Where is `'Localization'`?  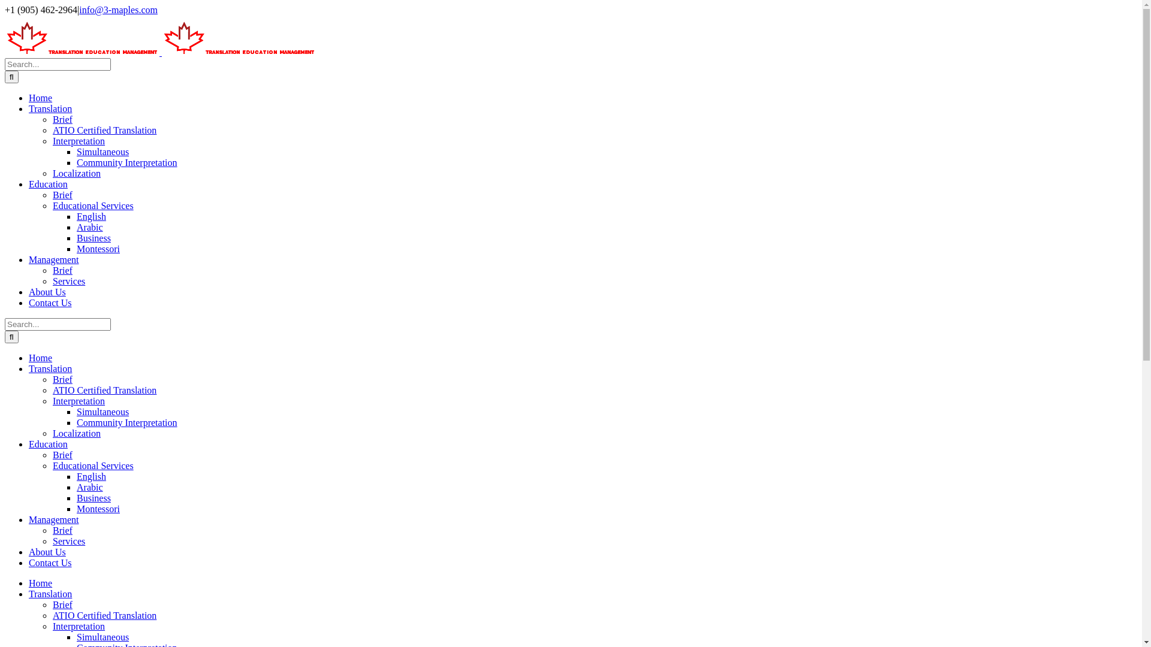 'Localization' is located at coordinates (76, 173).